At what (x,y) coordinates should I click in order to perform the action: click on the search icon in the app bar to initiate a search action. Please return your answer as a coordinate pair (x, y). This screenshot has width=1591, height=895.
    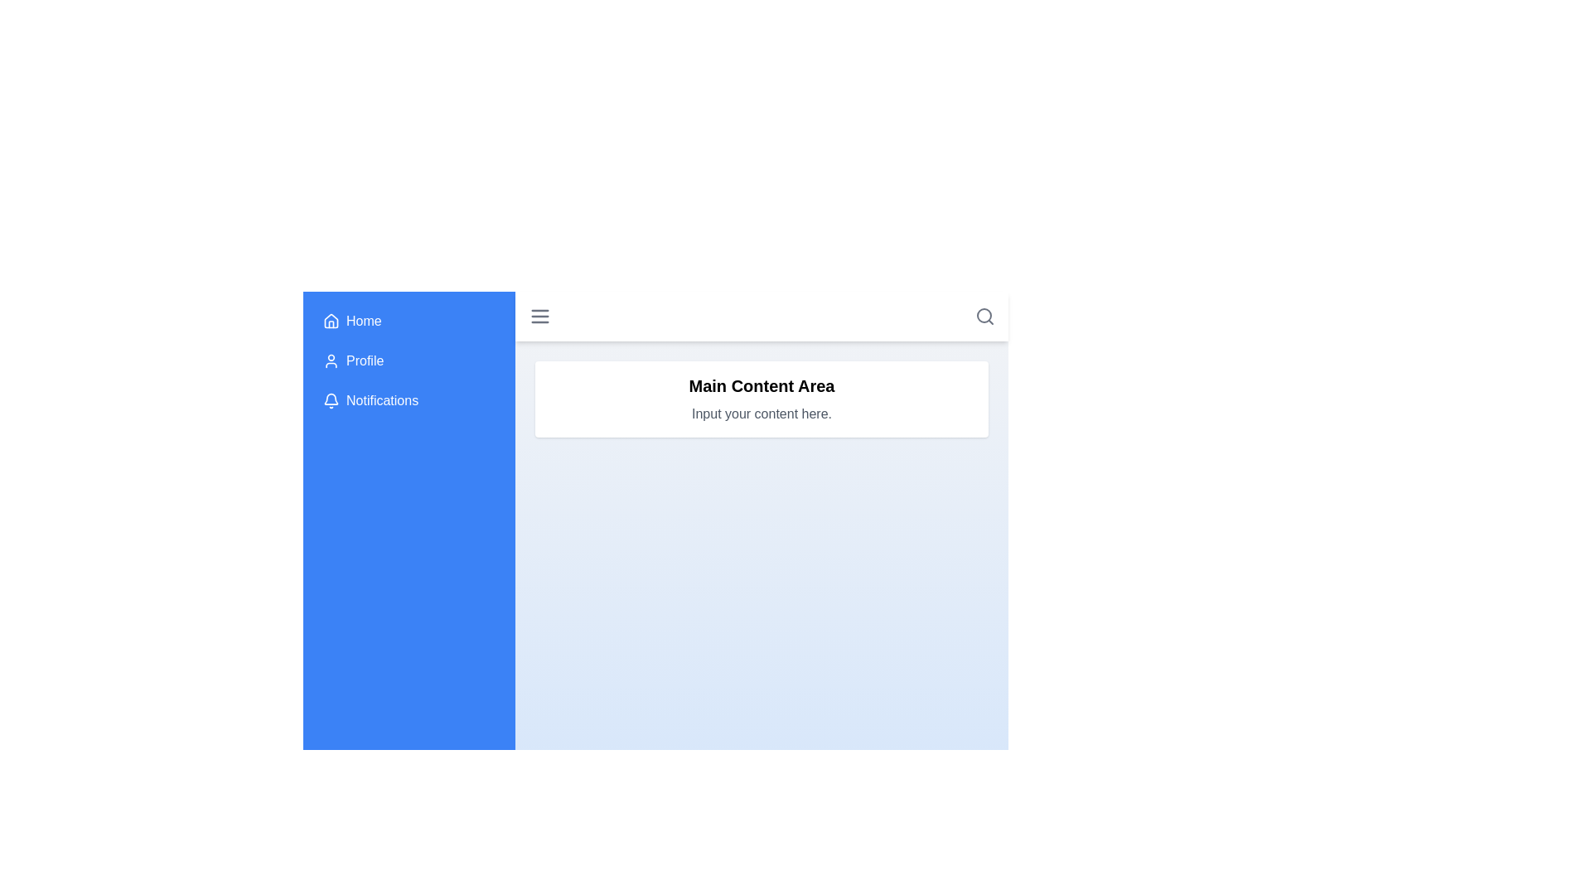
    Looking at the image, I should click on (985, 316).